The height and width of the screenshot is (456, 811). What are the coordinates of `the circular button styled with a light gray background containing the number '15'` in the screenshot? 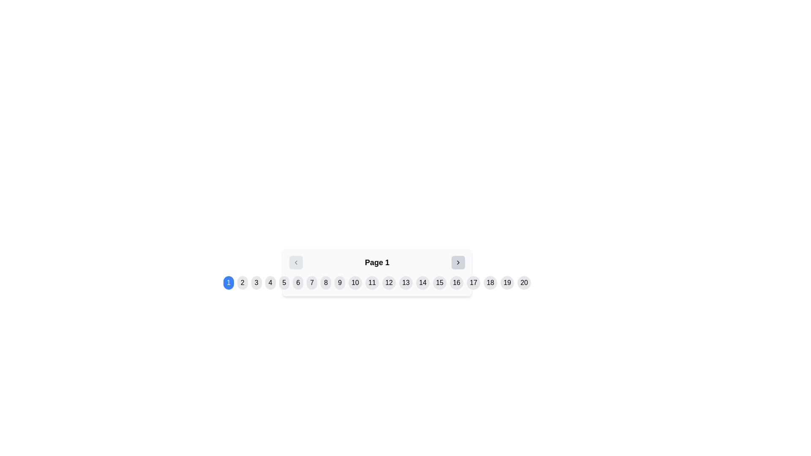 It's located at (439, 283).